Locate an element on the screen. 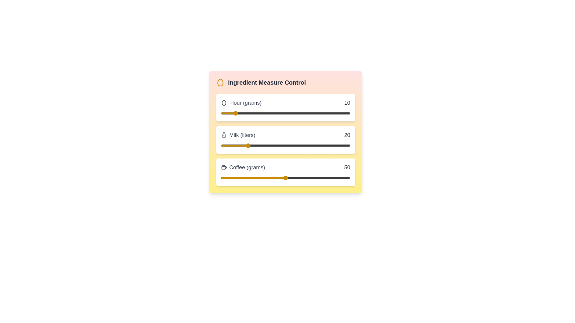 The width and height of the screenshot is (575, 323). ingredient measurement is located at coordinates (314, 113).